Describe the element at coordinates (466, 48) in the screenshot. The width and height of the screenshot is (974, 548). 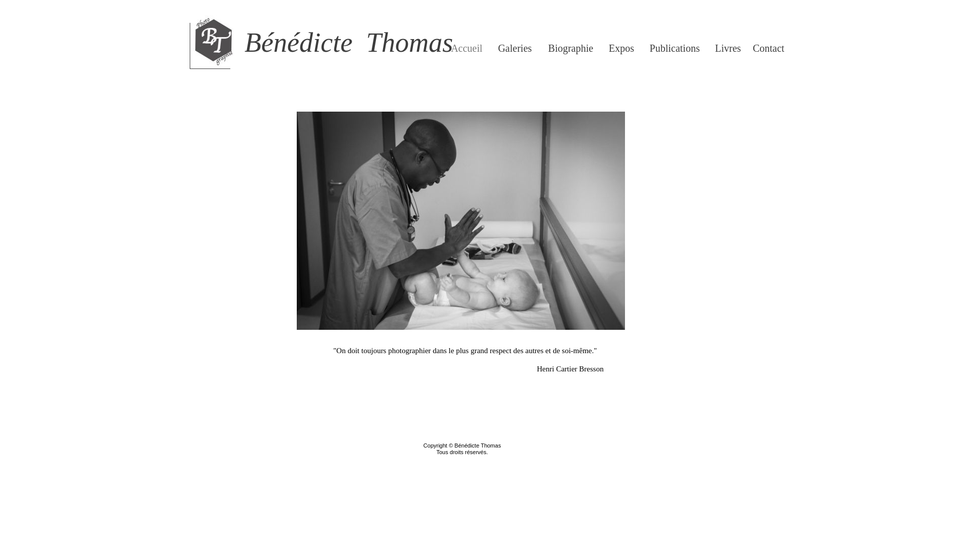
I see `'Accueil'` at that location.